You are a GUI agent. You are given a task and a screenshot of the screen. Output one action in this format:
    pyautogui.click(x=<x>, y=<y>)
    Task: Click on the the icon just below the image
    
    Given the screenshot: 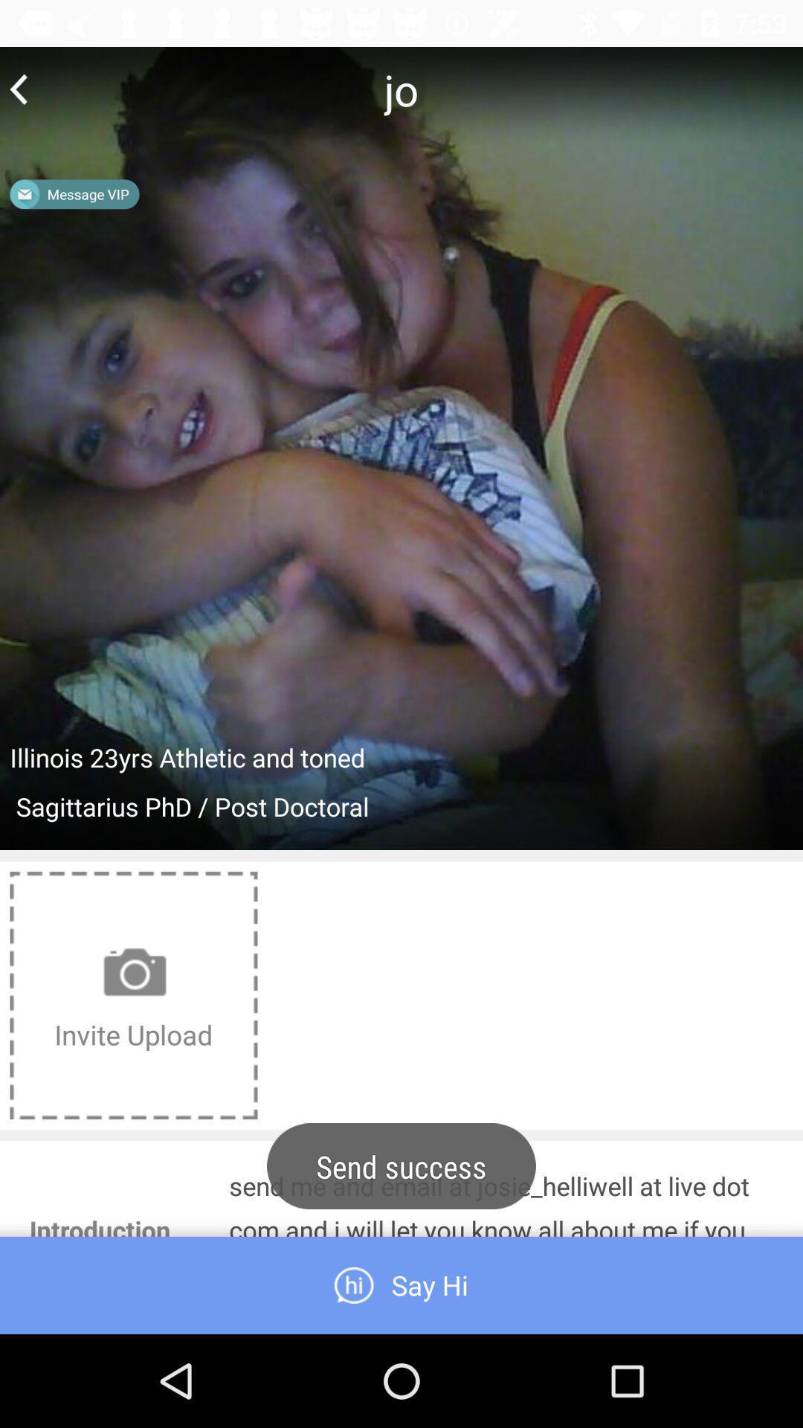 What is the action you would take?
    pyautogui.click(x=134, y=995)
    